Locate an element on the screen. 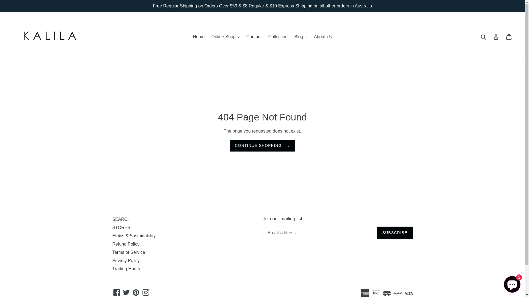 This screenshot has width=529, height=297. 'STORES' is located at coordinates (121, 227).